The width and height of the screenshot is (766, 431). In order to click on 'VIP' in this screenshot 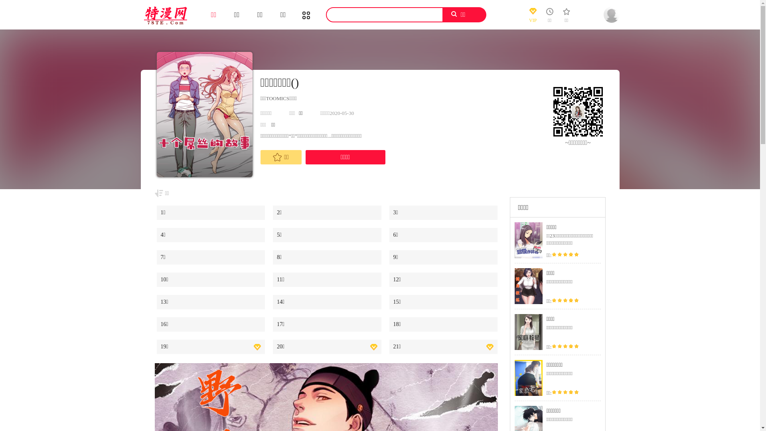, I will do `click(533, 17)`.